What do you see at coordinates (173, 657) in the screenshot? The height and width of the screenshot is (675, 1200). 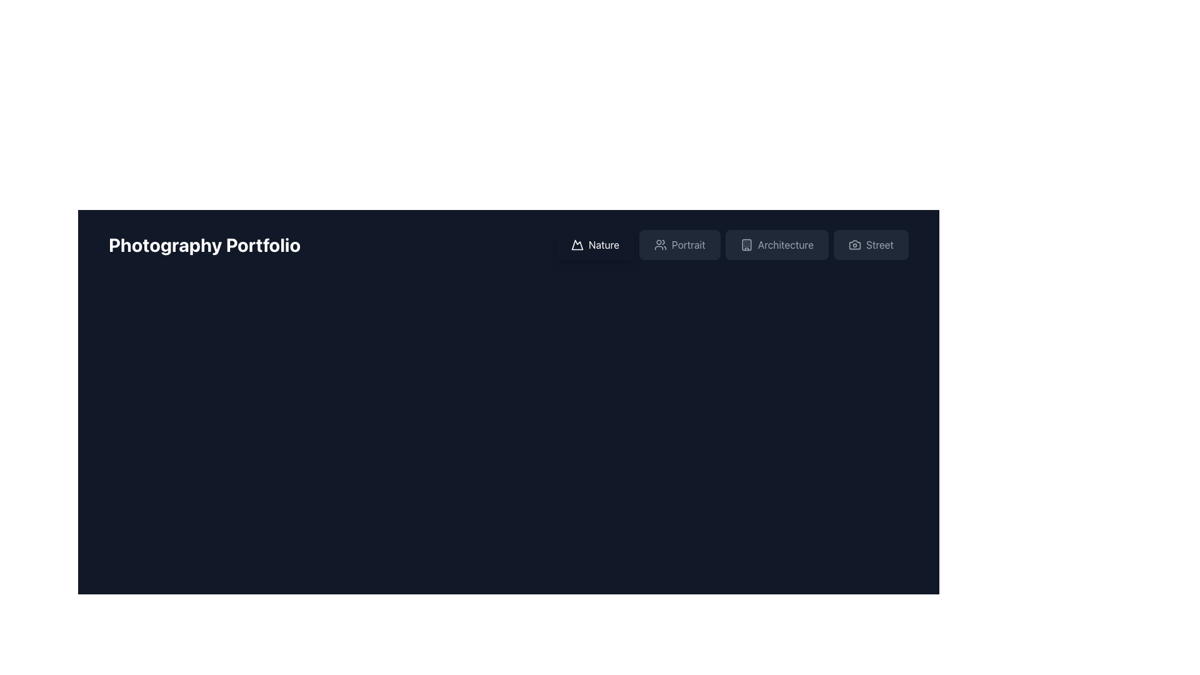 I see `the text displaying the view count indicated by the eye icon, which is the third item in a horizontal group of indicators at the bottom right of the interface` at bounding box center [173, 657].